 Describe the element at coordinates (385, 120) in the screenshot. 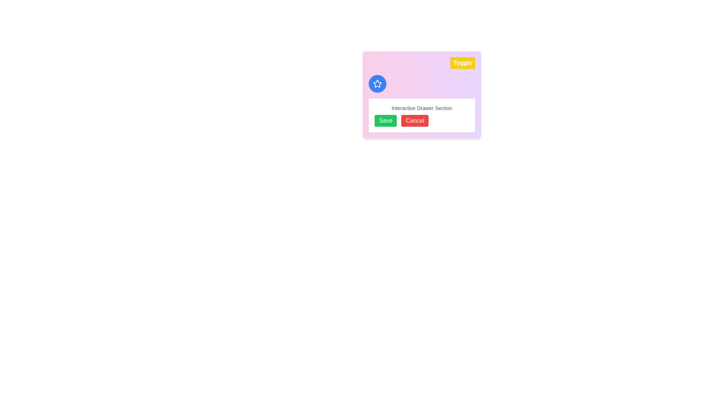

I see `the 'Save' button located at the bottom center of the visible card area to confirm or save changes` at that location.